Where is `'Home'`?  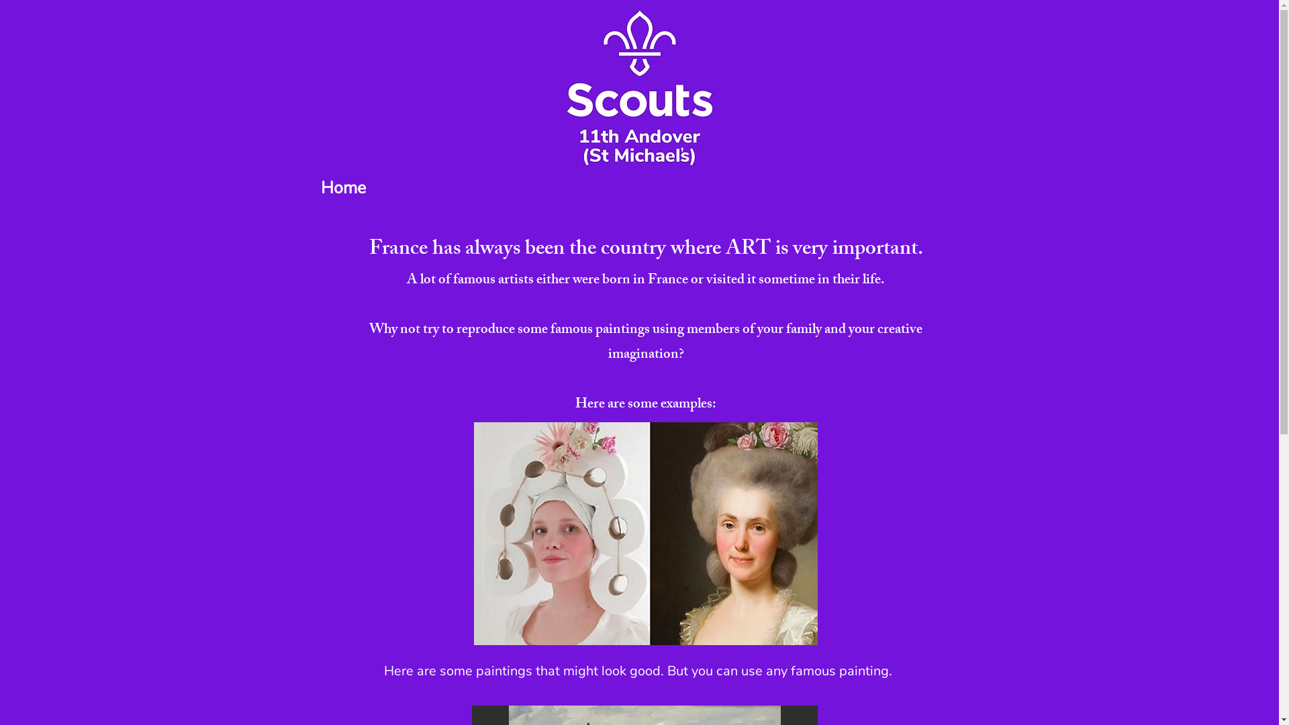 'Home' is located at coordinates (343, 188).